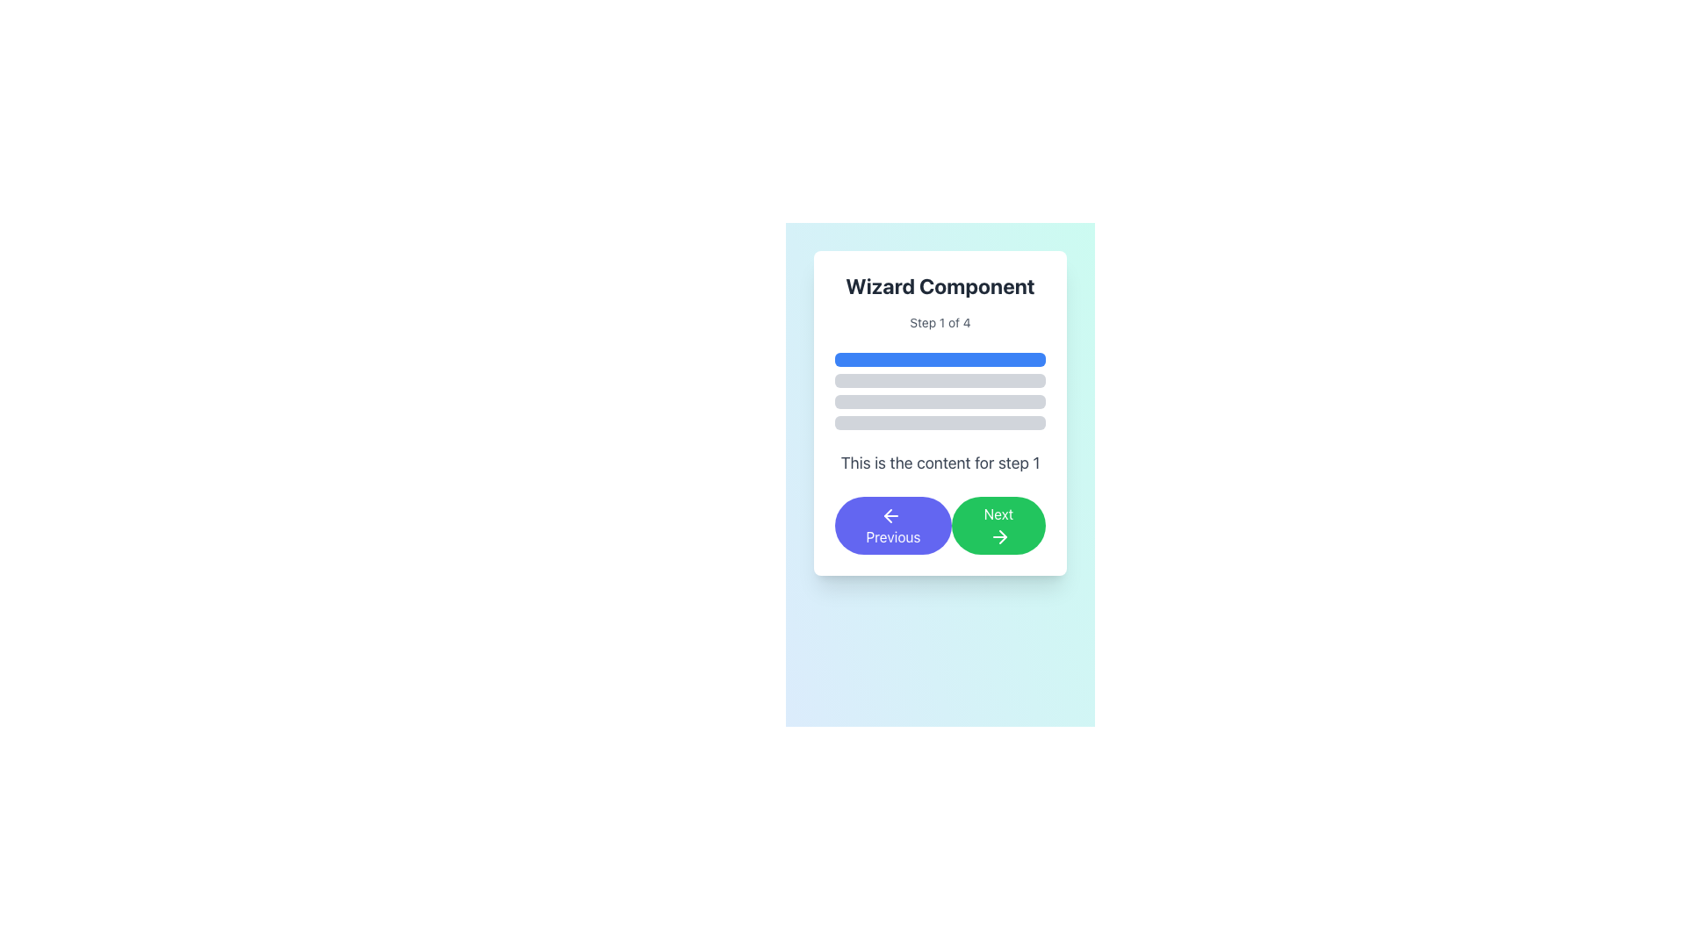 The height and width of the screenshot is (948, 1686). I want to click on the graphical arrow icon of the 'Next' button located at the bottom-right of the dialog, which visually represents proceeding to the next step or page, so click(1000, 535).